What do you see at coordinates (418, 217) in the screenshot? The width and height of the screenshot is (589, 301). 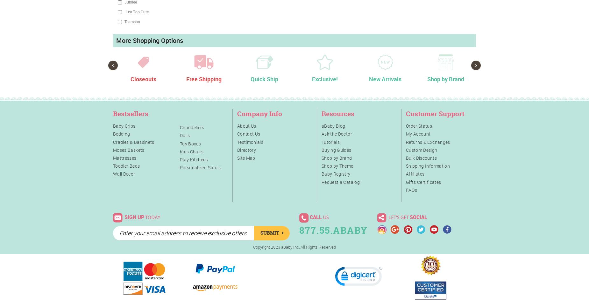 I see `'SOCIAL'` at bounding box center [418, 217].